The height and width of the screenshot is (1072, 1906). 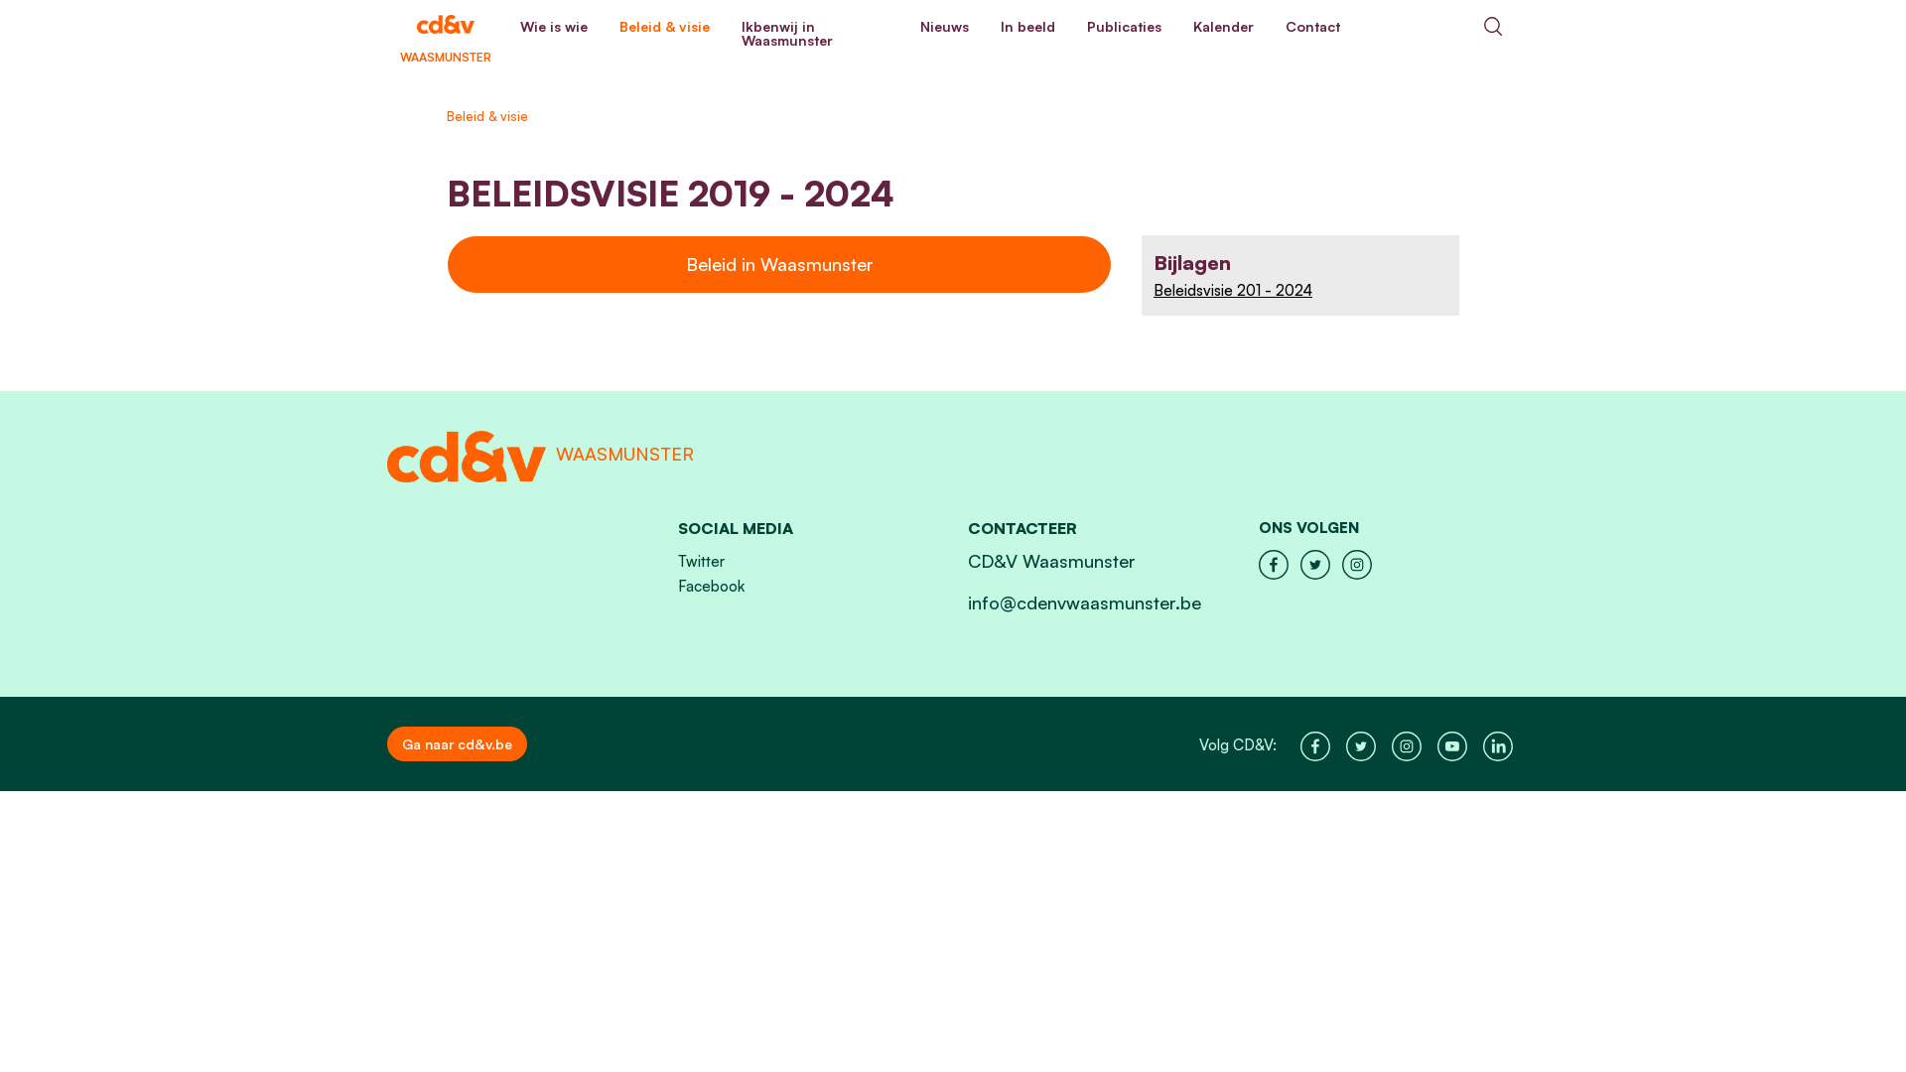 What do you see at coordinates (664, 27) in the screenshot?
I see `'Beleid & visie'` at bounding box center [664, 27].